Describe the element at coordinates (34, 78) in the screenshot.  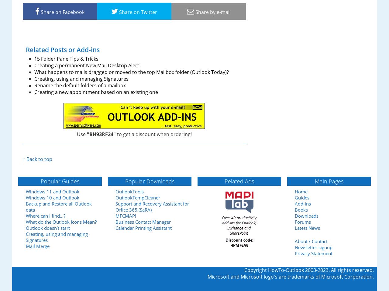
I see `'Creating, using and managing Signatures'` at that location.